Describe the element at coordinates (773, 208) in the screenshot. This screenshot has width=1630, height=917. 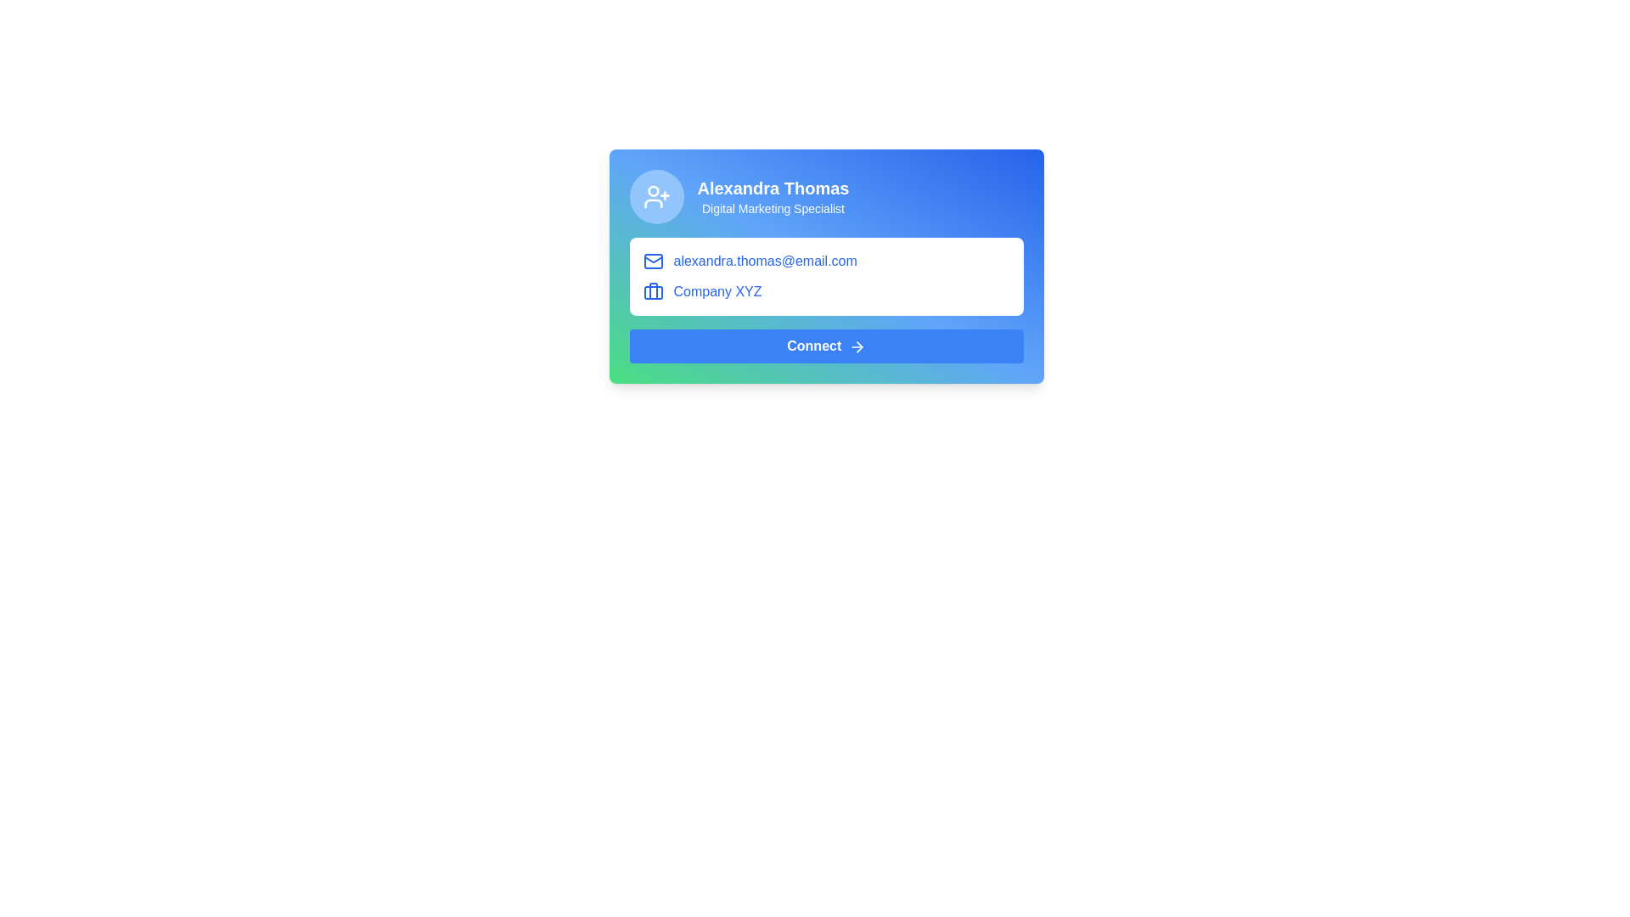
I see `the static text label that reads 'Digital Marketing Specialist', which is displayed in white on a gradient blue background and is located directly below 'Alexandra Thomas'` at that location.